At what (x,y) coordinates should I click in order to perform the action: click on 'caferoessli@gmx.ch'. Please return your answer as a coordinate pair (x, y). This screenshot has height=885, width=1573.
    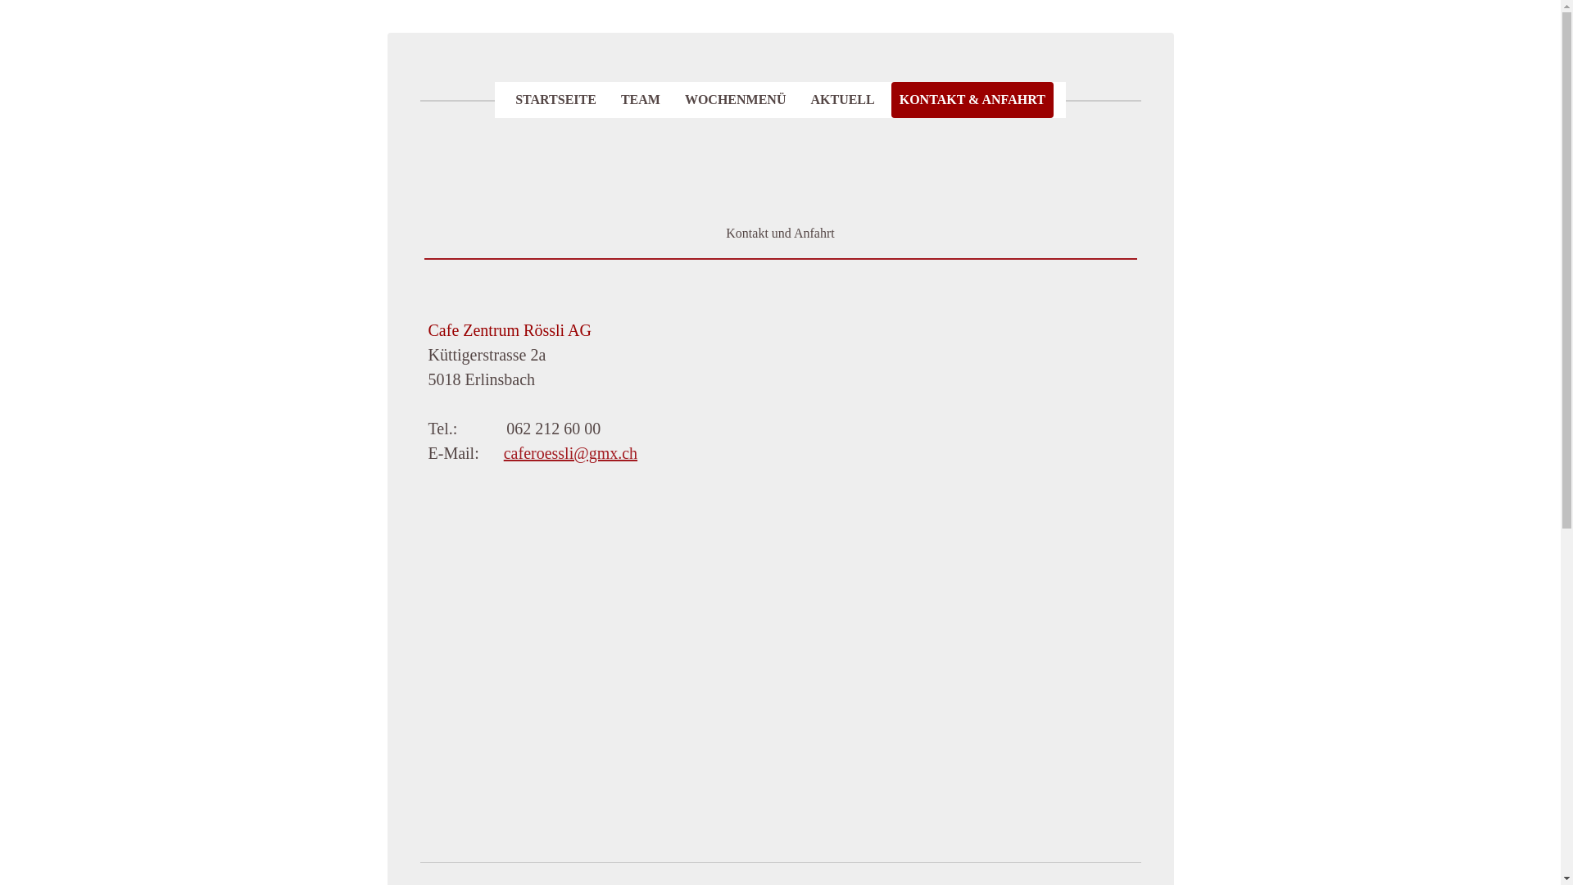
    Looking at the image, I should click on (570, 452).